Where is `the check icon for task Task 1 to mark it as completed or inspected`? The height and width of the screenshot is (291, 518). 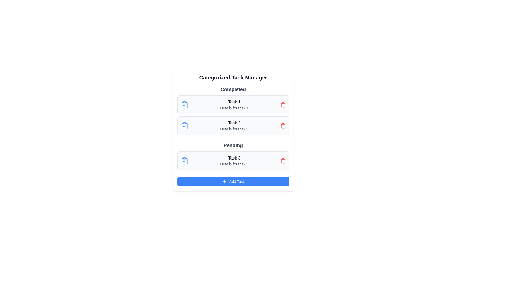
the check icon for task Task 1 to mark it as completed or inspected is located at coordinates (184, 105).